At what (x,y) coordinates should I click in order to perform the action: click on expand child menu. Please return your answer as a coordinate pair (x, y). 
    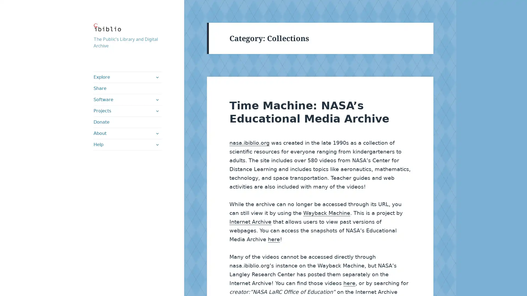
    Looking at the image, I should click on (156, 99).